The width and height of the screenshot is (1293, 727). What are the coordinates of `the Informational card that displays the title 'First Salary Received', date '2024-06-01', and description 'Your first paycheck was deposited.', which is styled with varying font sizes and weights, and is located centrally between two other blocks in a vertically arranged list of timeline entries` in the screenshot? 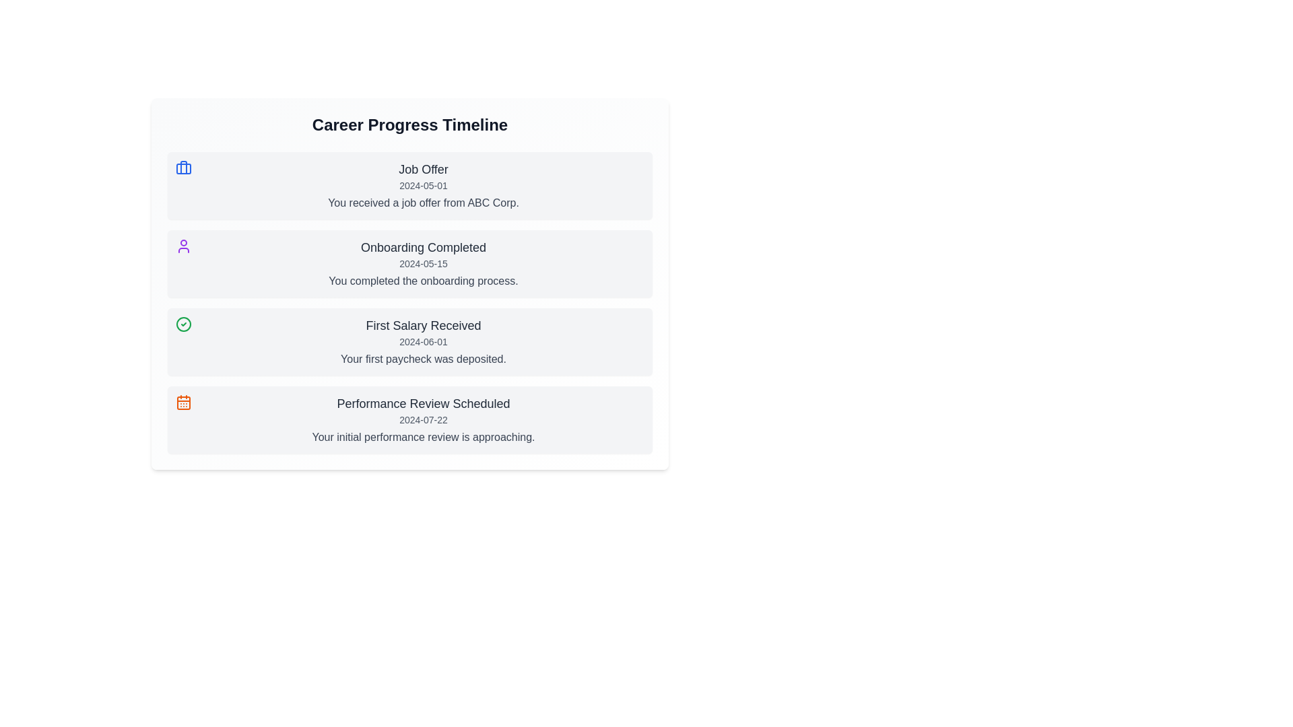 It's located at (422, 341).